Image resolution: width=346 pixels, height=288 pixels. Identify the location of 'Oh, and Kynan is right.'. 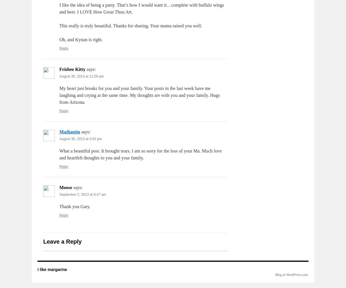
(81, 39).